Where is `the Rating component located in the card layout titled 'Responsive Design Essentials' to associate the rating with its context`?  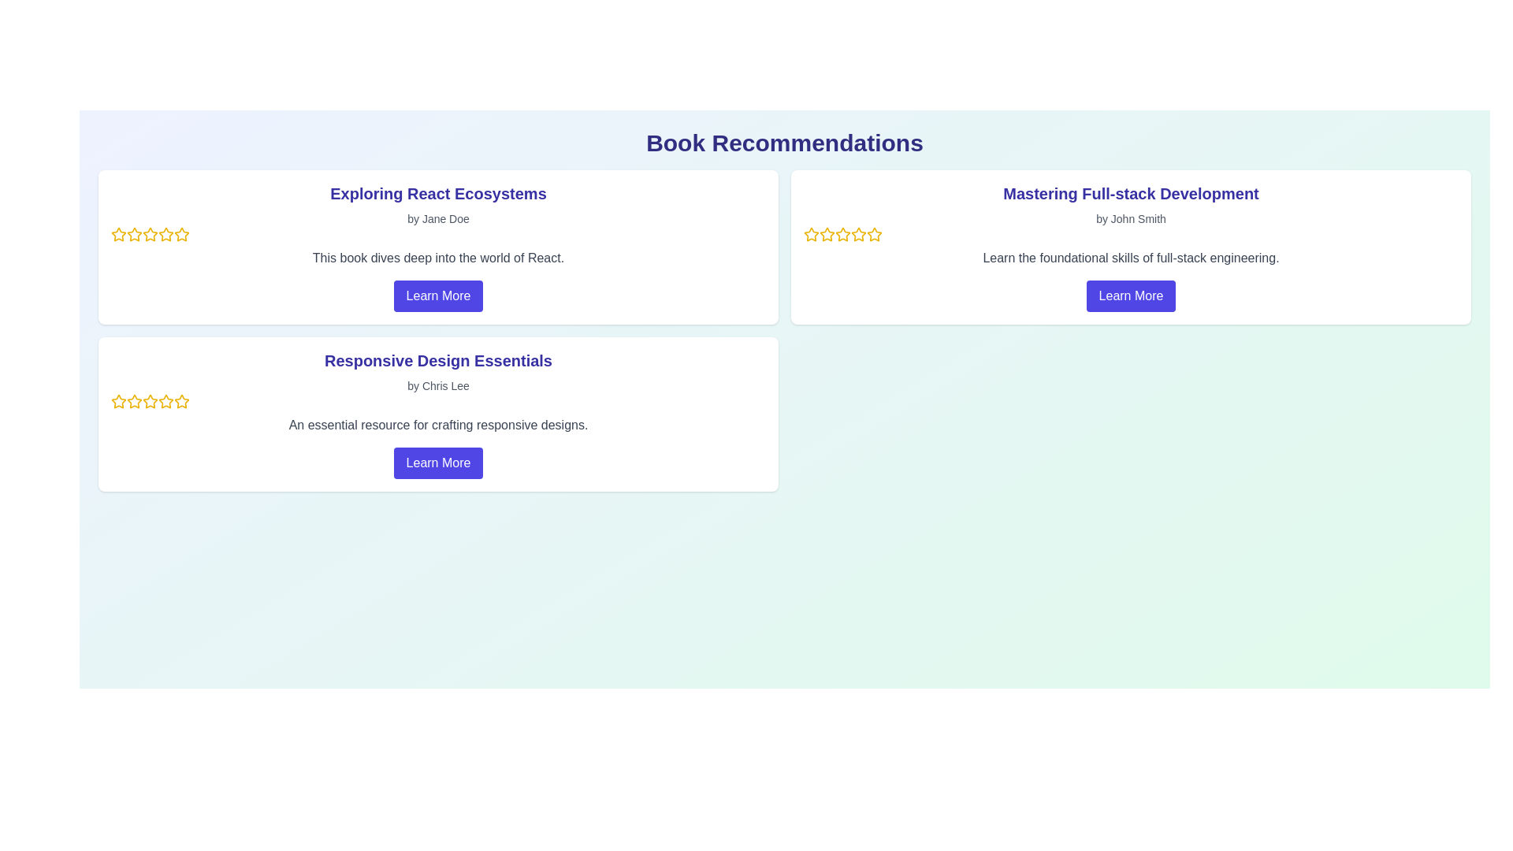 the Rating component located in the card layout titled 'Responsive Design Essentials' to associate the rating with its context is located at coordinates (438, 400).